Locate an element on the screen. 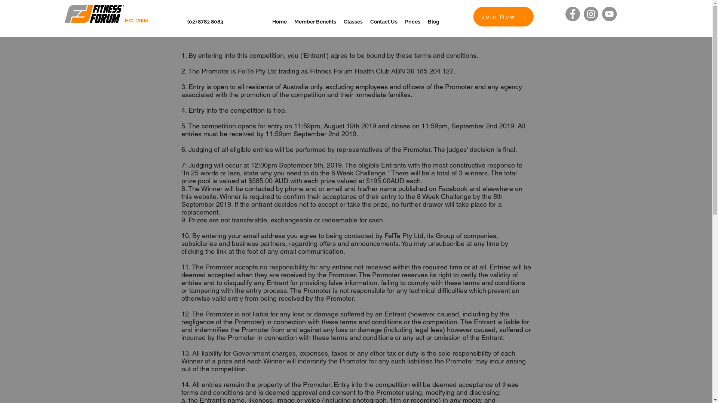 The image size is (718, 403). 'Blog' is located at coordinates (424, 21).